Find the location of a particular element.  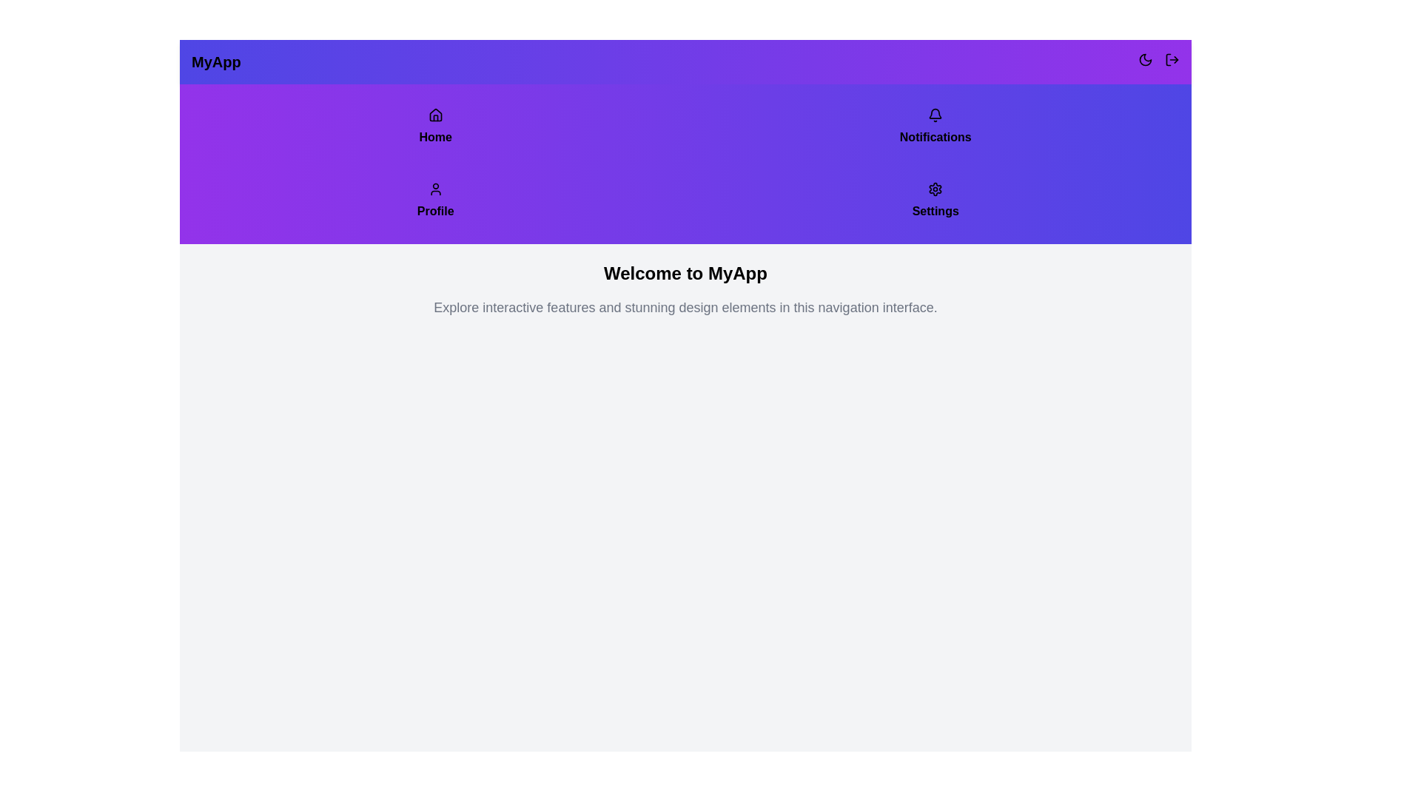

the Profile tab to navigate to the Profile section is located at coordinates (434, 201).